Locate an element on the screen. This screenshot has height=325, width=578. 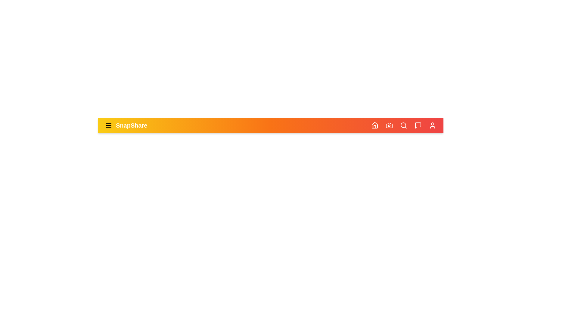
the home icon to navigate to the home page is located at coordinates (374, 125).